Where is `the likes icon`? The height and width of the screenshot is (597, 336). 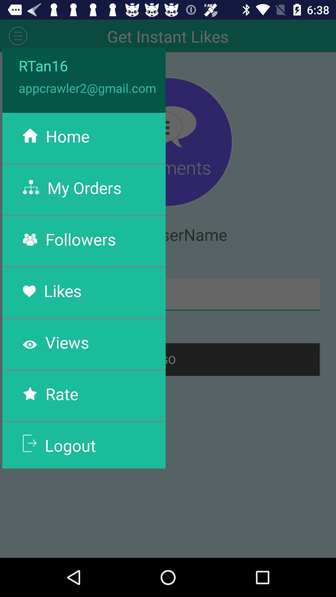 the likes icon is located at coordinates (63, 290).